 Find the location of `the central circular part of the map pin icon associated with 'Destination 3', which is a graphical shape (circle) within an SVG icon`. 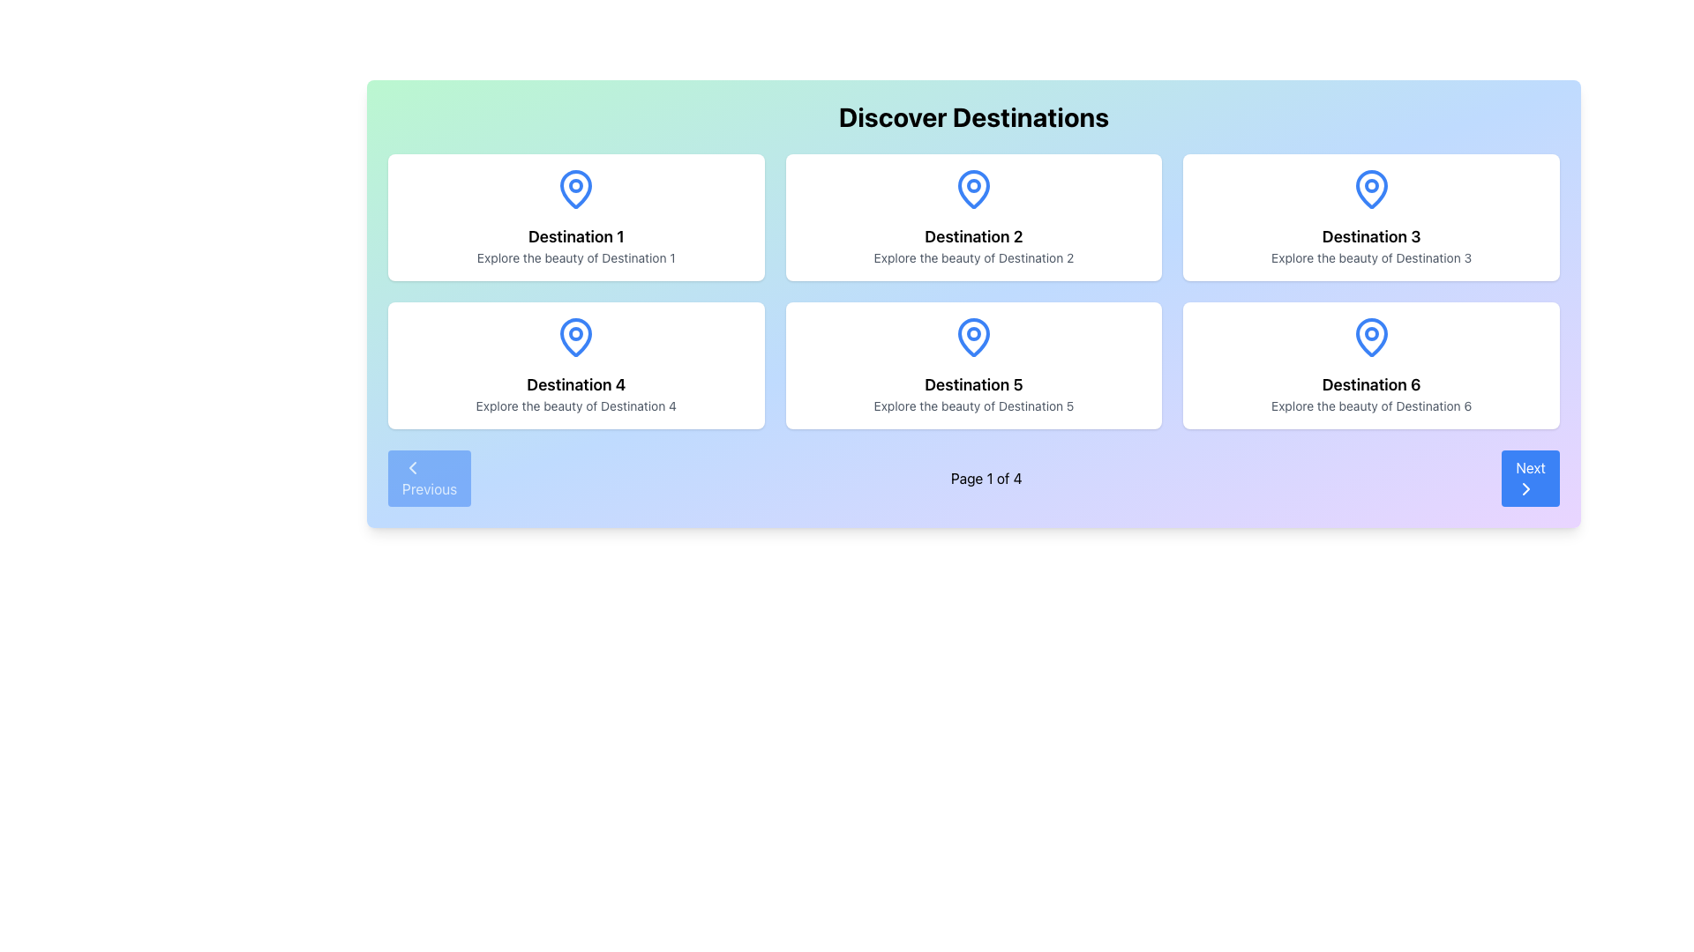

the central circular part of the map pin icon associated with 'Destination 3', which is a graphical shape (circle) within an SVG icon is located at coordinates (1370, 186).